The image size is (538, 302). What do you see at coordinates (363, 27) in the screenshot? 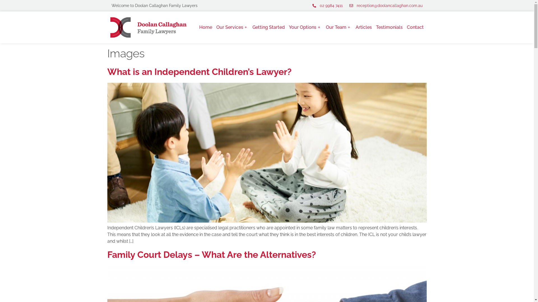
I see `'Articles'` at bounding box center [363, 27].